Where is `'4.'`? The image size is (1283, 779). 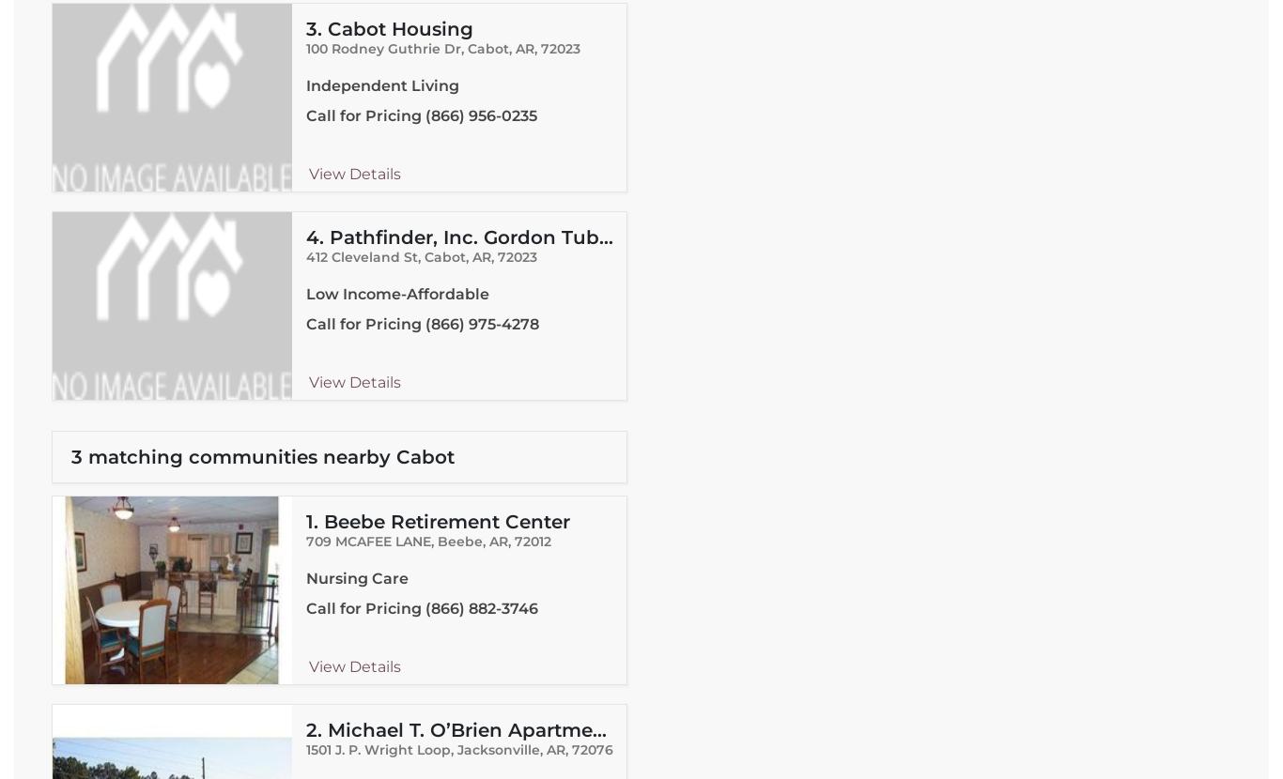
'4.' is located at coordinates (304, 237).